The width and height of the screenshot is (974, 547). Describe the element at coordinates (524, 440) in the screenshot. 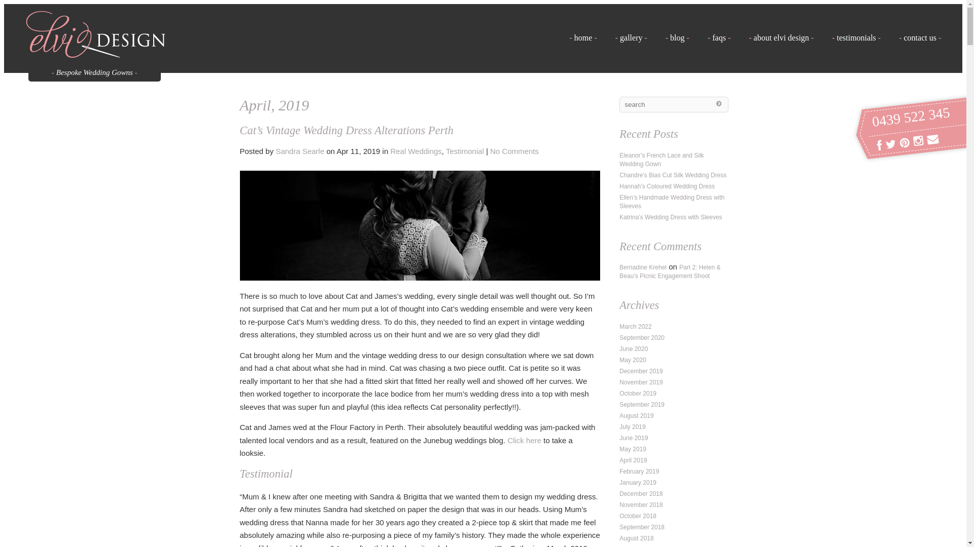

I see `'Click here'` at that location.